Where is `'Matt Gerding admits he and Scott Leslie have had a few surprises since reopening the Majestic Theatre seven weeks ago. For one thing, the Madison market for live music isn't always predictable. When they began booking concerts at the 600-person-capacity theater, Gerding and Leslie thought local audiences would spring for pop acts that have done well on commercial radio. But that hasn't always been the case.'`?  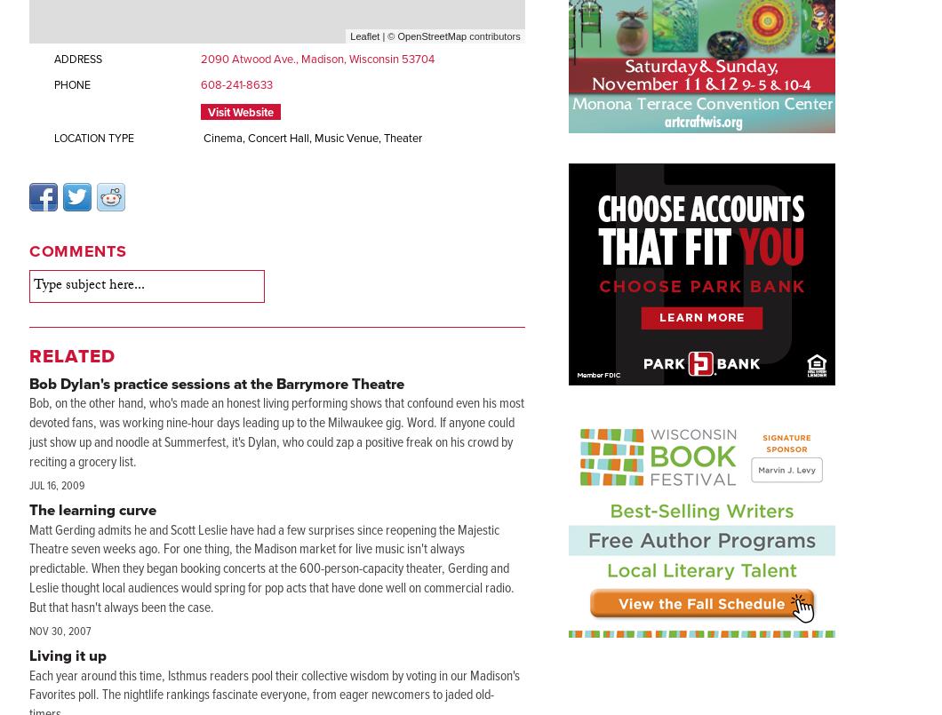
'Matt Gerding admits he and Scott Leslie have had a few surprises since reopening the Majestic Theatre seven weeks ago. For one thing, the Madison market for live music isn't always predictable. When they began booking concerts at the 600-person-capacity theater, Gerding and Leslie thought local audiences would spring for pop acts that have done well on commercial radio. But that hasn't always been the case.' is located at coordinates (272, 568).